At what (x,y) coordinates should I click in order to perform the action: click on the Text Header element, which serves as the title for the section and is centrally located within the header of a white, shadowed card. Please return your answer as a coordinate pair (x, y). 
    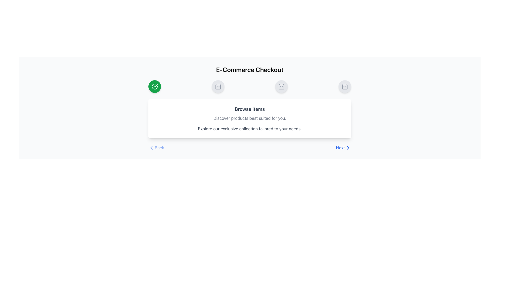
    Looking at the image, I should click on (249, 109).